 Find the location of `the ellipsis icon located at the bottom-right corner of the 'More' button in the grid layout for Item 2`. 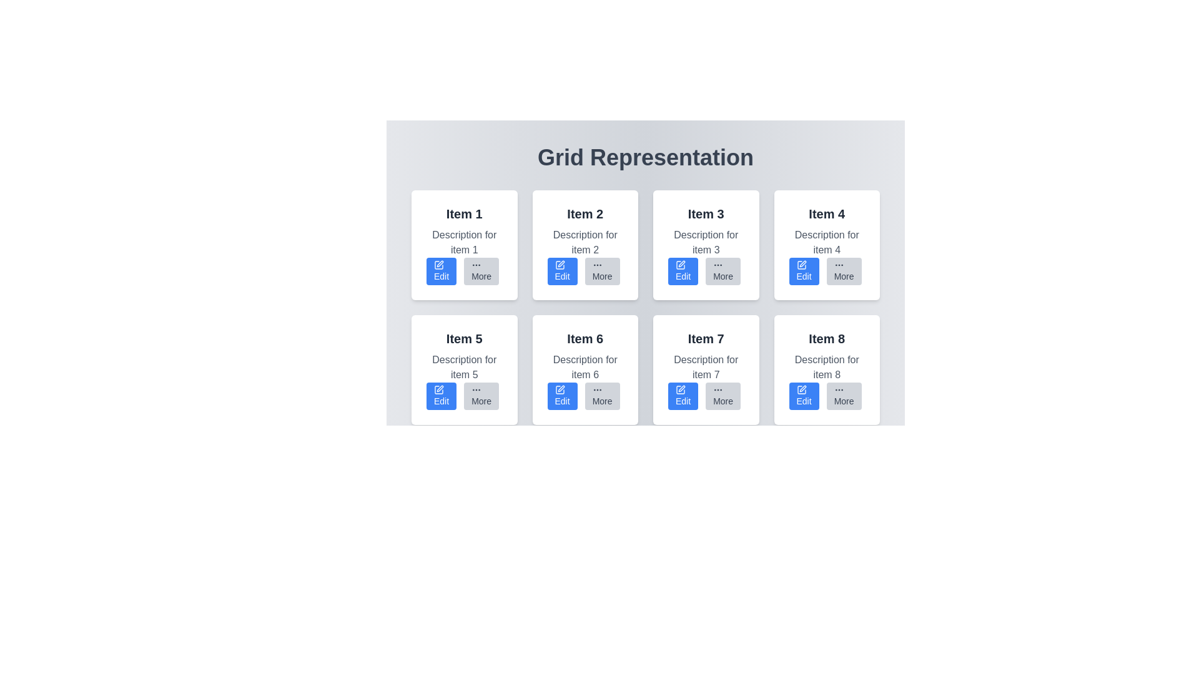

the ellipsis icon located at the bottom-right corner of the 'More' button in the grid layout for Item 2 is located at coordinates (596, 264).